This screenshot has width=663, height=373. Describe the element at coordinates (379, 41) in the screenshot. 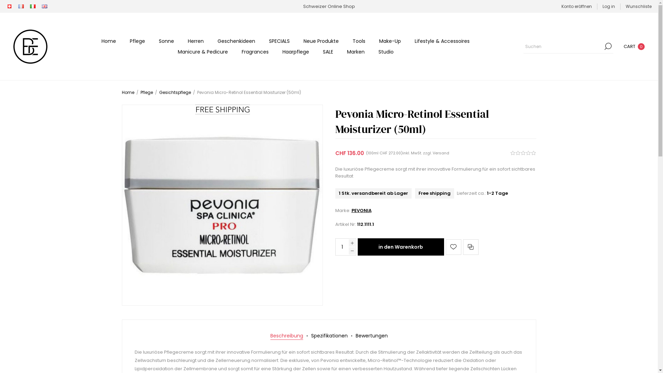

I see `'Make-Up'` at that location.